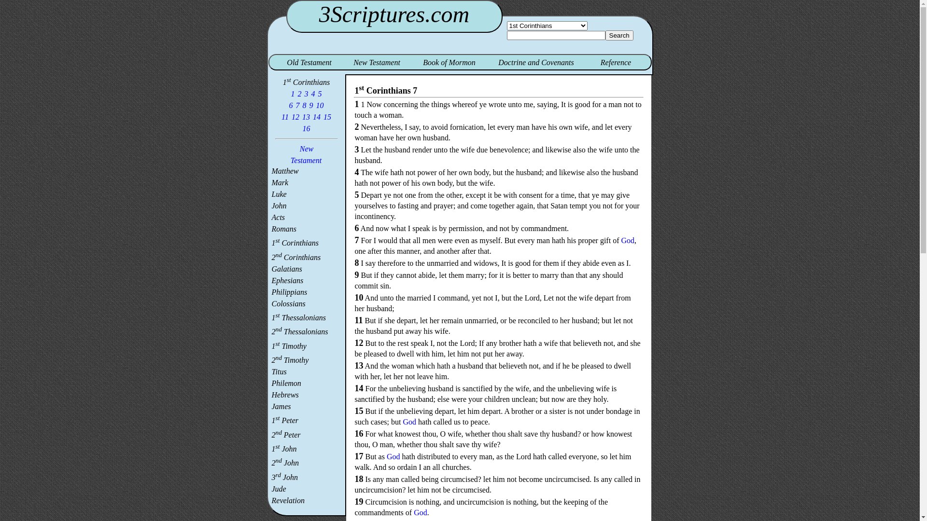 The width and height of the screenshot is (927, 521). Describe the element at coordinates (327, 116) in the screenshot. I see `'15'` at that location.